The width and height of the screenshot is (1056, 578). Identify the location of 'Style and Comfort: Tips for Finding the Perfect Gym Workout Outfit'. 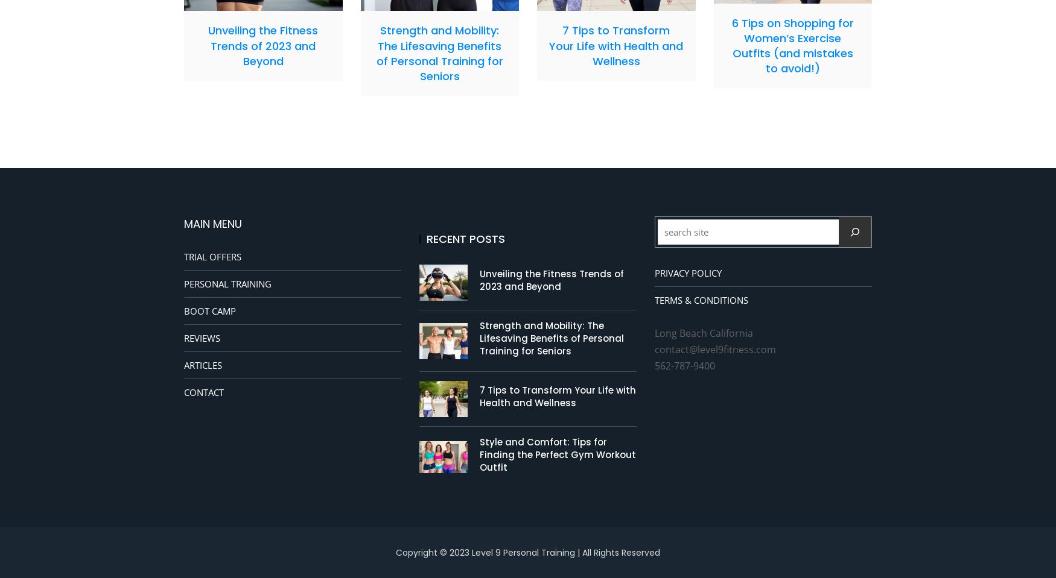
(557, 454).